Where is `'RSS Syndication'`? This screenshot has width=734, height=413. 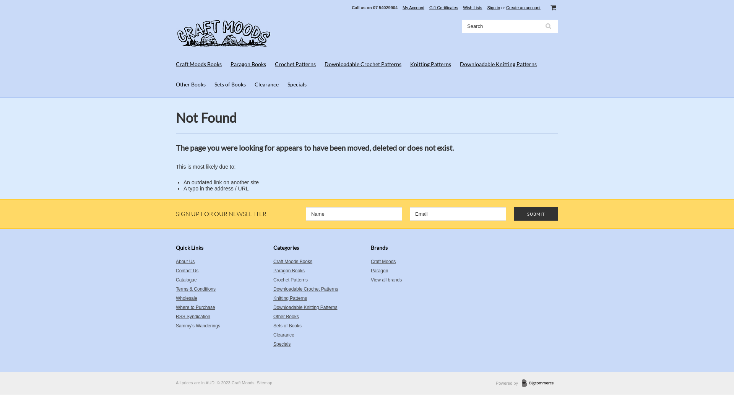
'RSS Syndication' is located at coordinates (175, 317).